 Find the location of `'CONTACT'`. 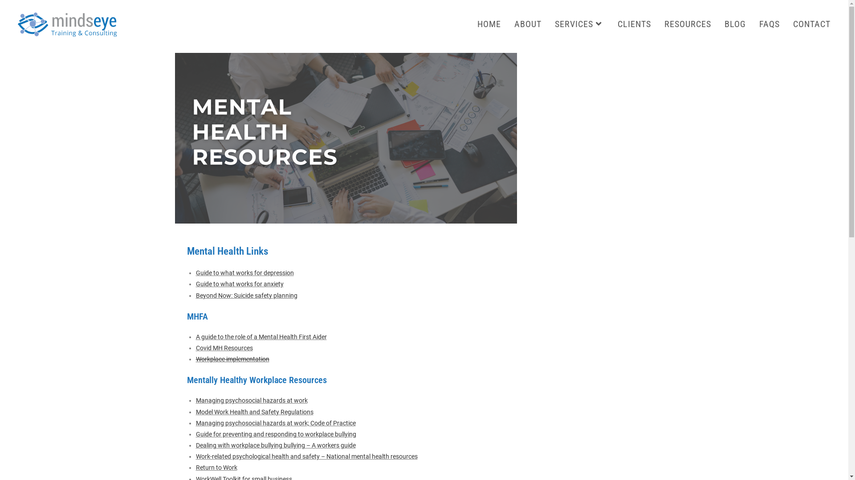

'CONTACT' is located at coordinates (812, 24).